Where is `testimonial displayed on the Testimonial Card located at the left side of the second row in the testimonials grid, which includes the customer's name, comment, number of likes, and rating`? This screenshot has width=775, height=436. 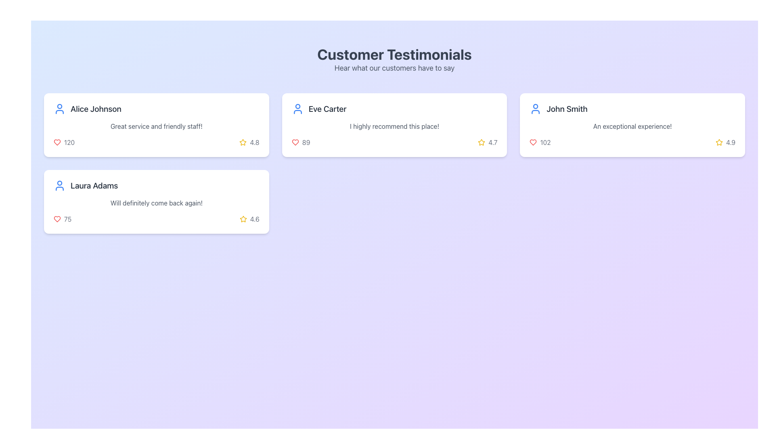 testimonial displayed on the Testimonial Card located at the left side of the second row in the testimonials grid, which includes the customer's name, comment, number of likes, and rating is located at coordinates (156, 201).